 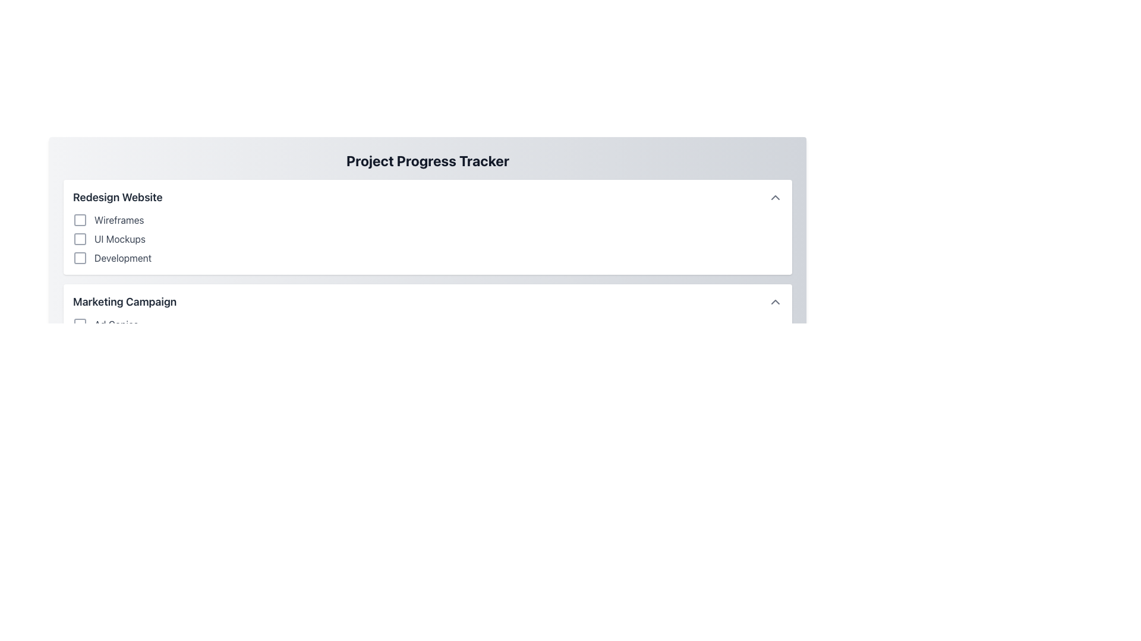 What do you see at coordinates (79, 325) in the screenshot?
I see `the checkbox located to the left of the 'Ad Copies' label in the 'Marketing Campaign' section` at bounding box center [79, 325].